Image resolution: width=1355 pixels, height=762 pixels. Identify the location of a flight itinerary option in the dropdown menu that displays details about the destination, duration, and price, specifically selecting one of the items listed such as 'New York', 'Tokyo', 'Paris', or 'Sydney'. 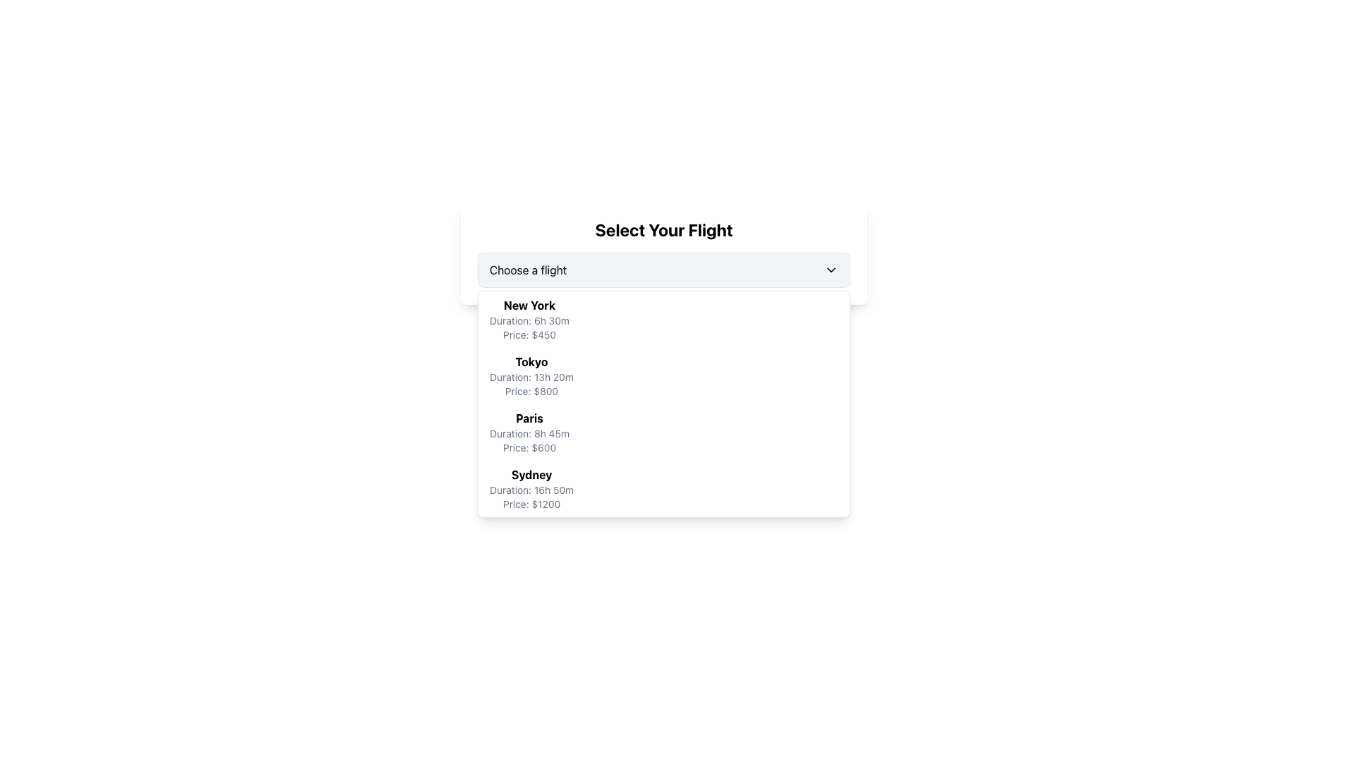
(663, 404).